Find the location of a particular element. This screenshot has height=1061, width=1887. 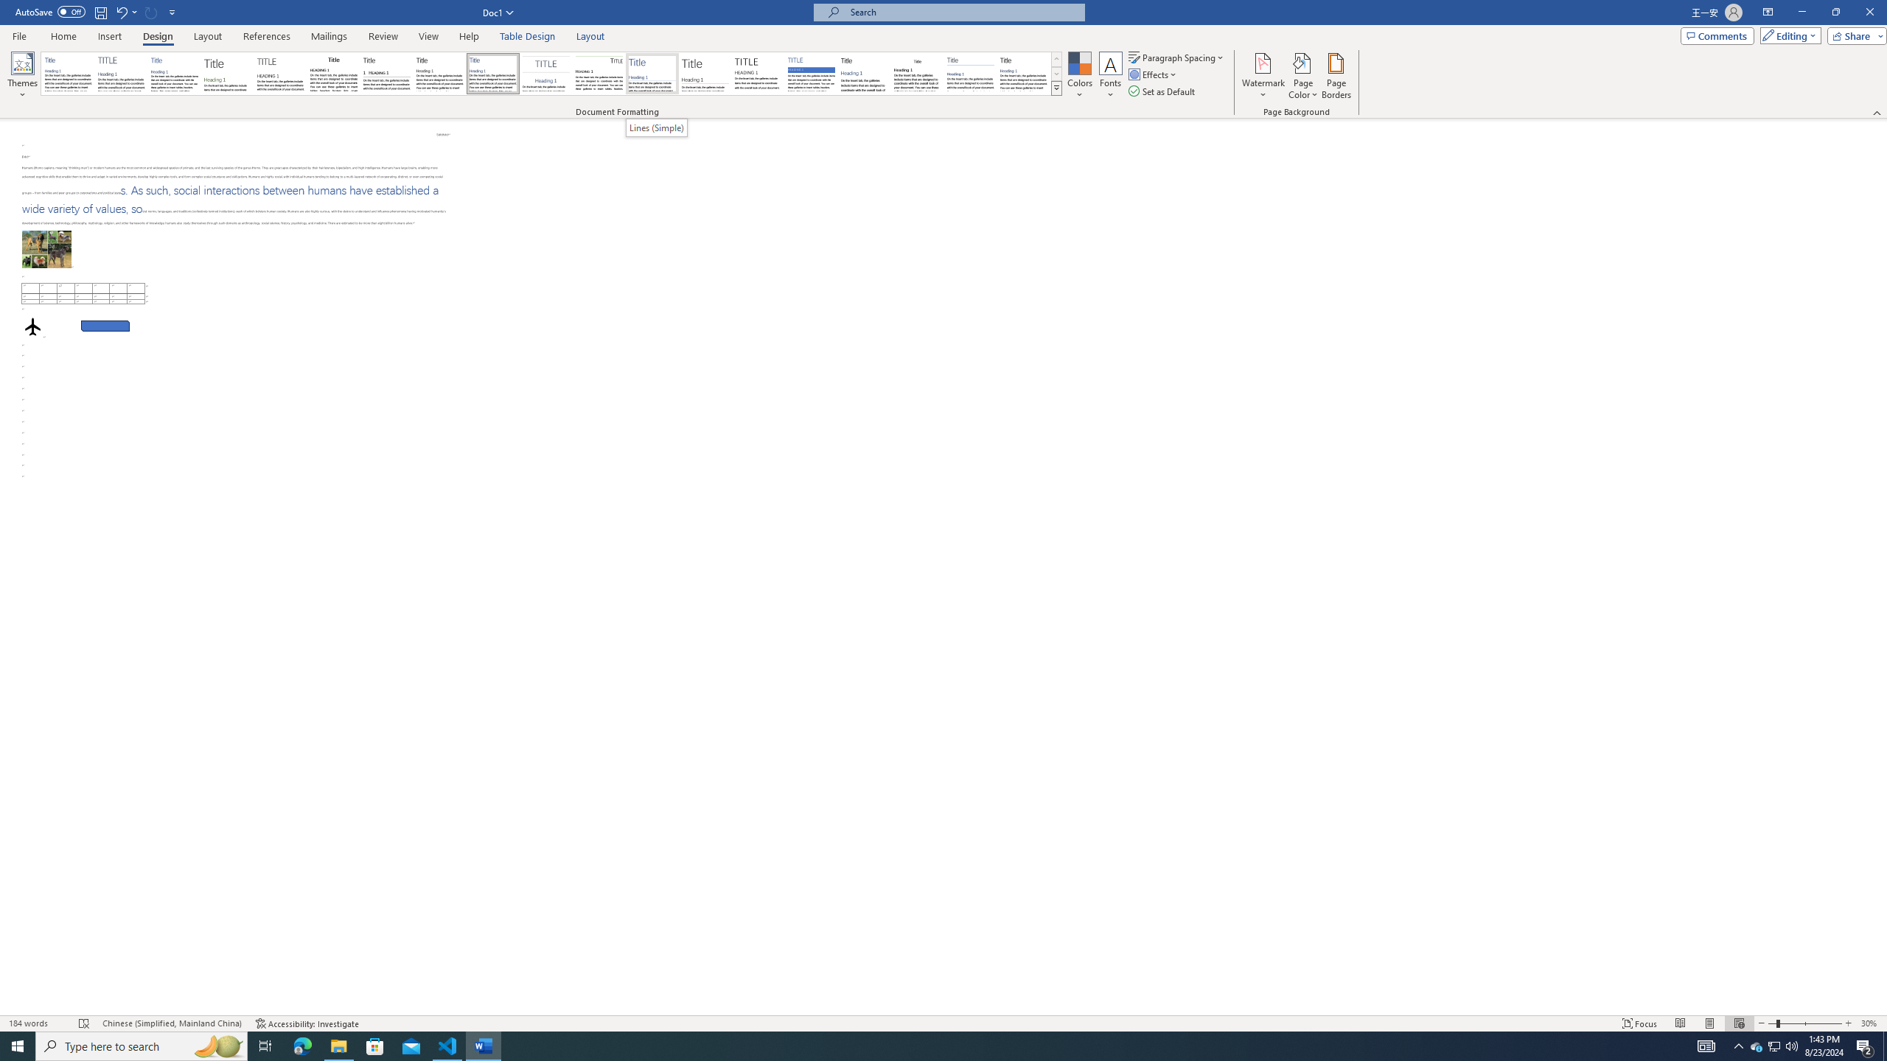

'AutomationID: QuickStylesSets' is located at coordinates (551, 73).